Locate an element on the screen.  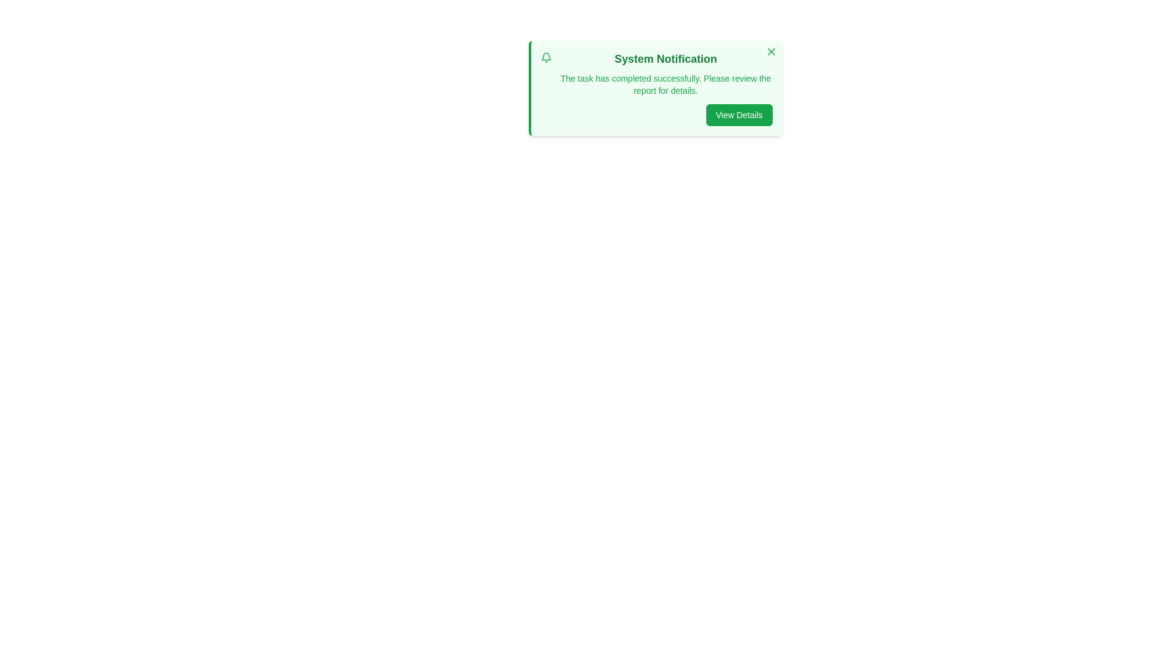
close button to dismiss the notification is located at coordinates (770, 51).